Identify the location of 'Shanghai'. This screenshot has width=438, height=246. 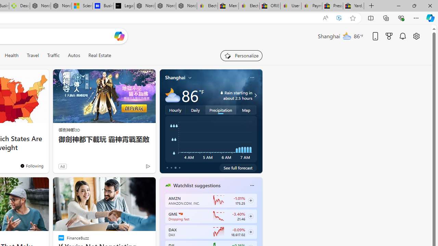
(175, 77).